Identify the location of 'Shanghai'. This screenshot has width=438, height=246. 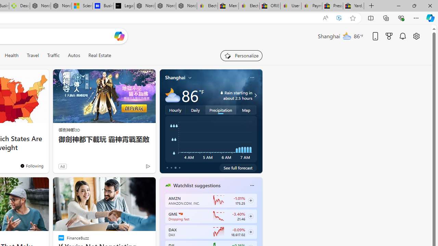
(175, 77).